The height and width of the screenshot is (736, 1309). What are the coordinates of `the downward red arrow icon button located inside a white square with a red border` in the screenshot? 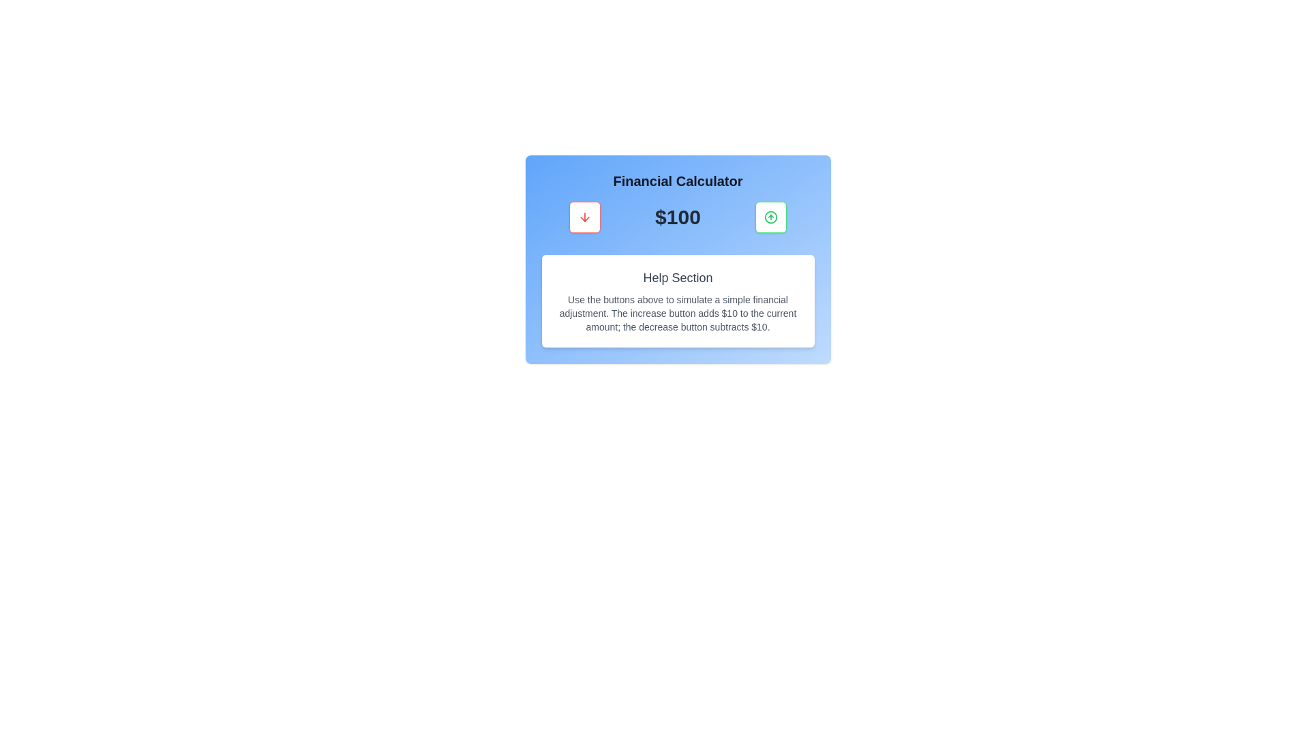 It's located at (584, 217).